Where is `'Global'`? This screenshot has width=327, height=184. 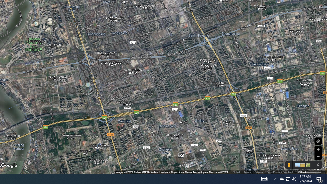
'Global' is located at coordinates (236, 172).